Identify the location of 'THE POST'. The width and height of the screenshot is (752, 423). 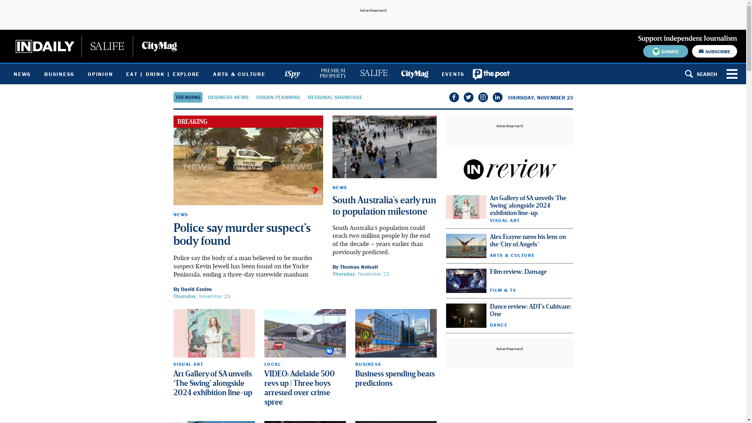
(491, 74).